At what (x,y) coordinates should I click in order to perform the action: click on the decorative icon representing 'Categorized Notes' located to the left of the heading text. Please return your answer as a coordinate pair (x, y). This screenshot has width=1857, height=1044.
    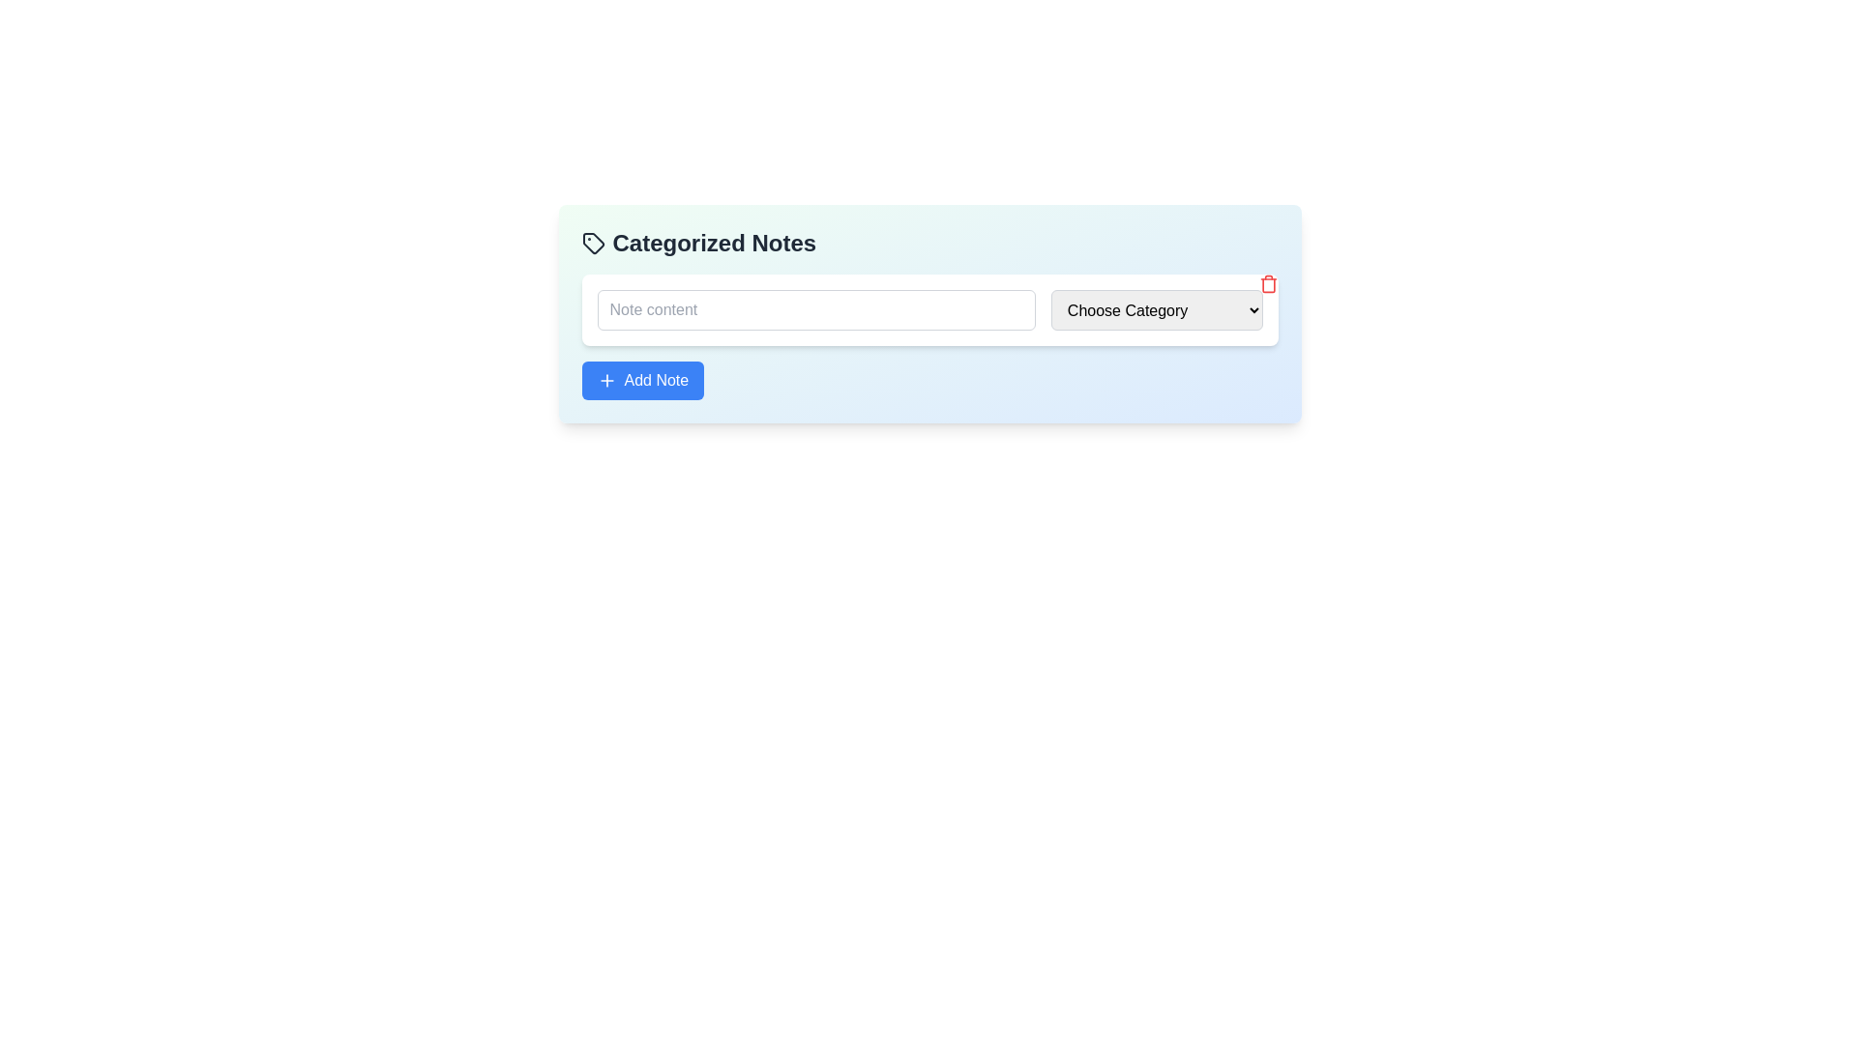
    Looking at the image, I should click on (592, 242).